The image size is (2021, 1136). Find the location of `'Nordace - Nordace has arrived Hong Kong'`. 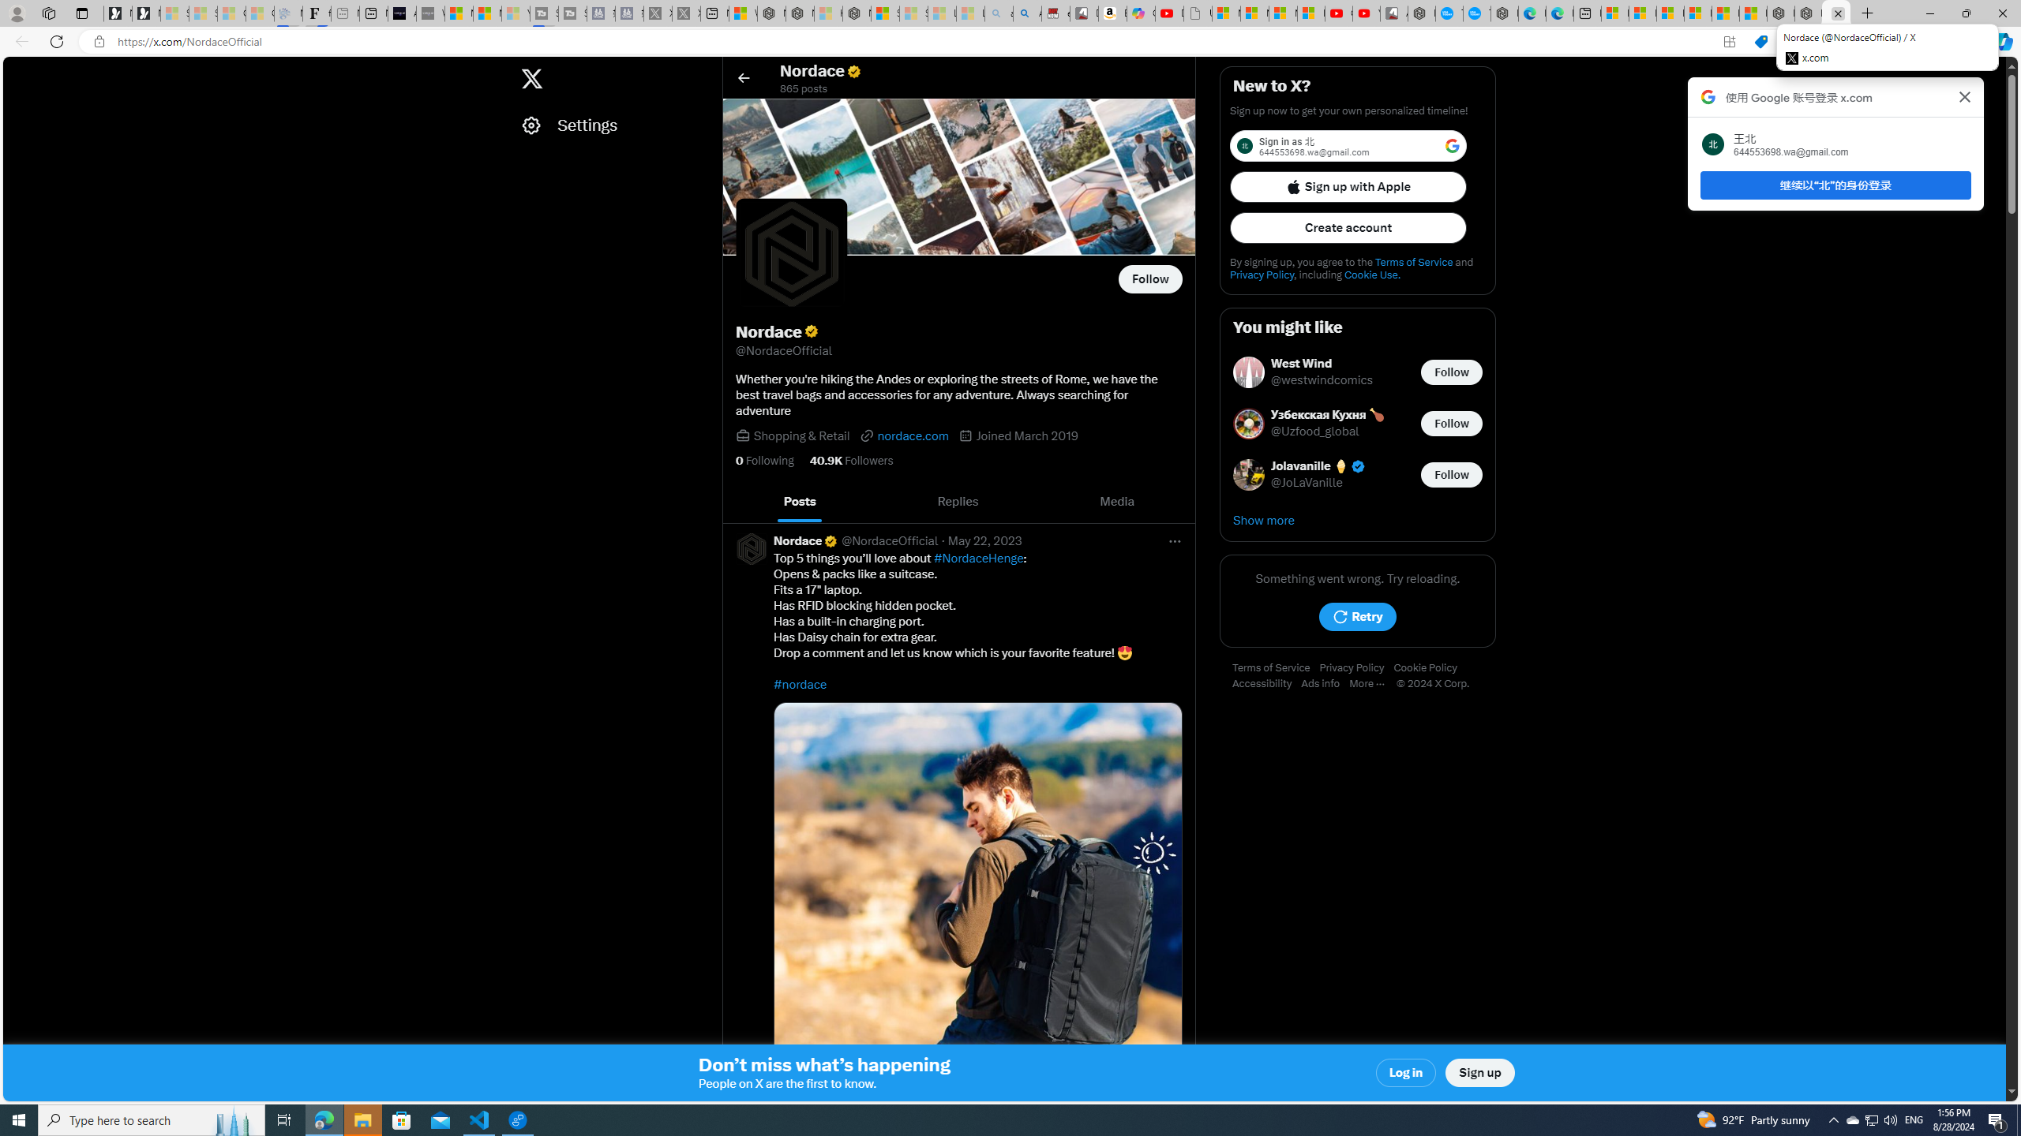

'Nordace - Nordace has arrived Hong Kong' is located at coordinates (1503, 13).